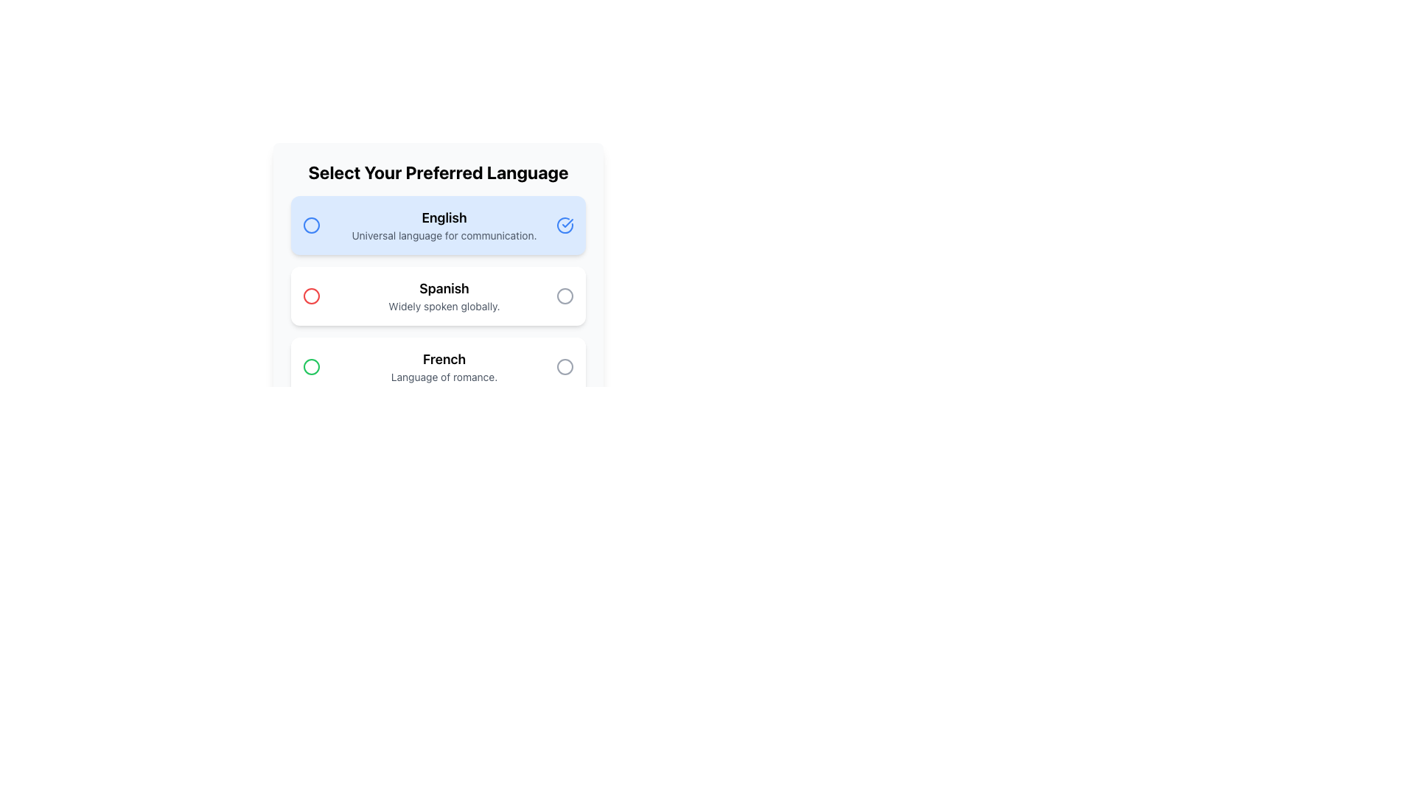 This screenshot has height=796, width=1415. Describe the element at coordinates (565, 296) in the screenshot. I see `the radio button styled indicator for the 'Spanish' language option` at that location.